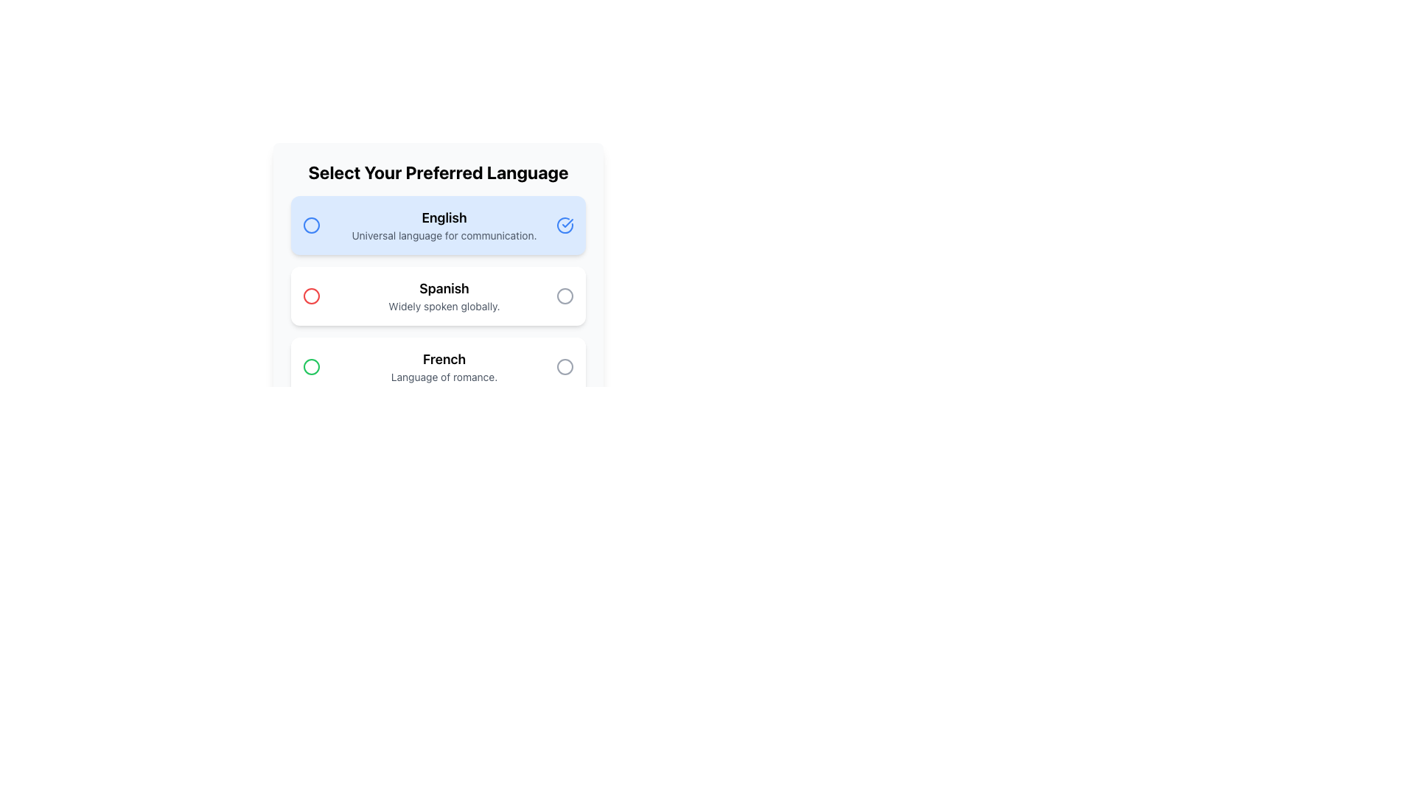 This screenshot has height=796, width=1415. Describe the element at coordinates (565, 296) in the screenshot. I see `the radio button styled indicator for the 'Spanish' language option` at that location.